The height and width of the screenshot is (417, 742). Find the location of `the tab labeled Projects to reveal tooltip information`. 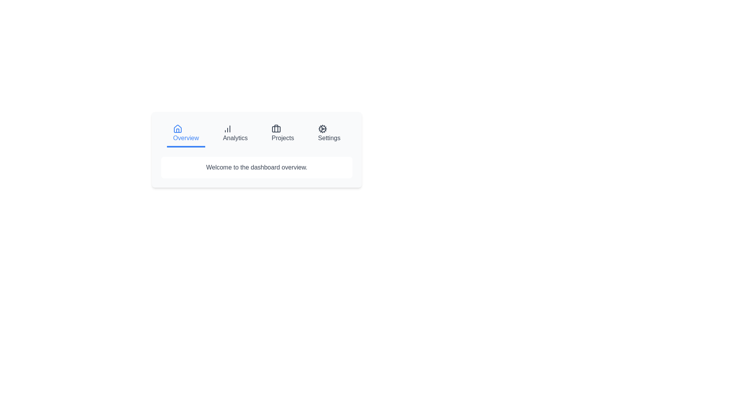

the tab labeled Projects to reveal tooltip information is located at coordinates (283, 134).